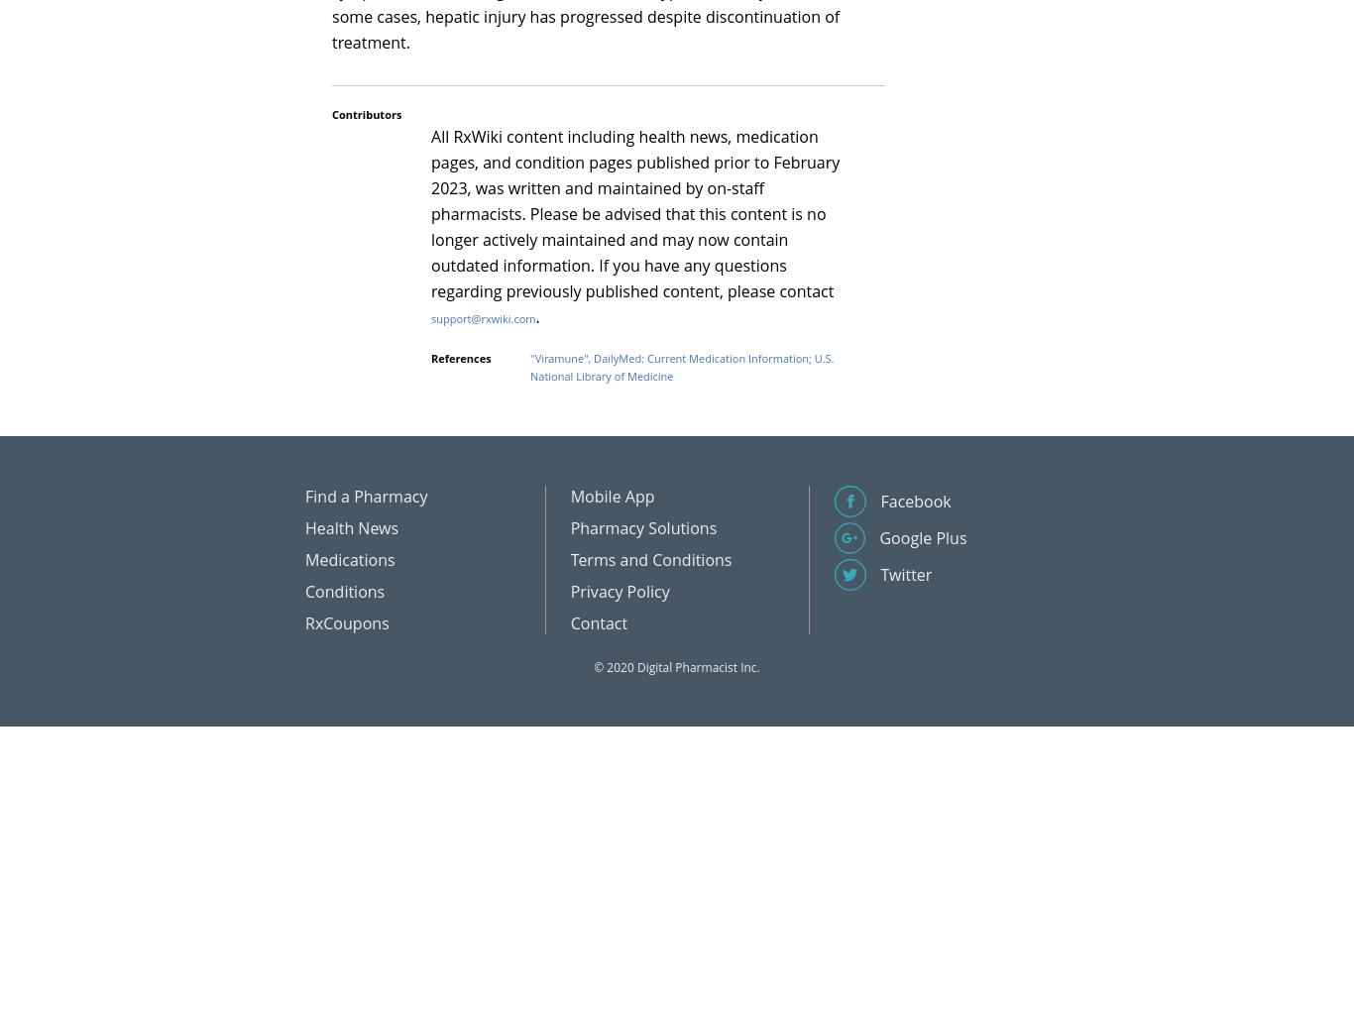 The image size is (1354, 1013). What do you see at coordinates (649, 559) in the screenshot?
I see `'Terms and Conditions'` at bounding box center [649, 559].